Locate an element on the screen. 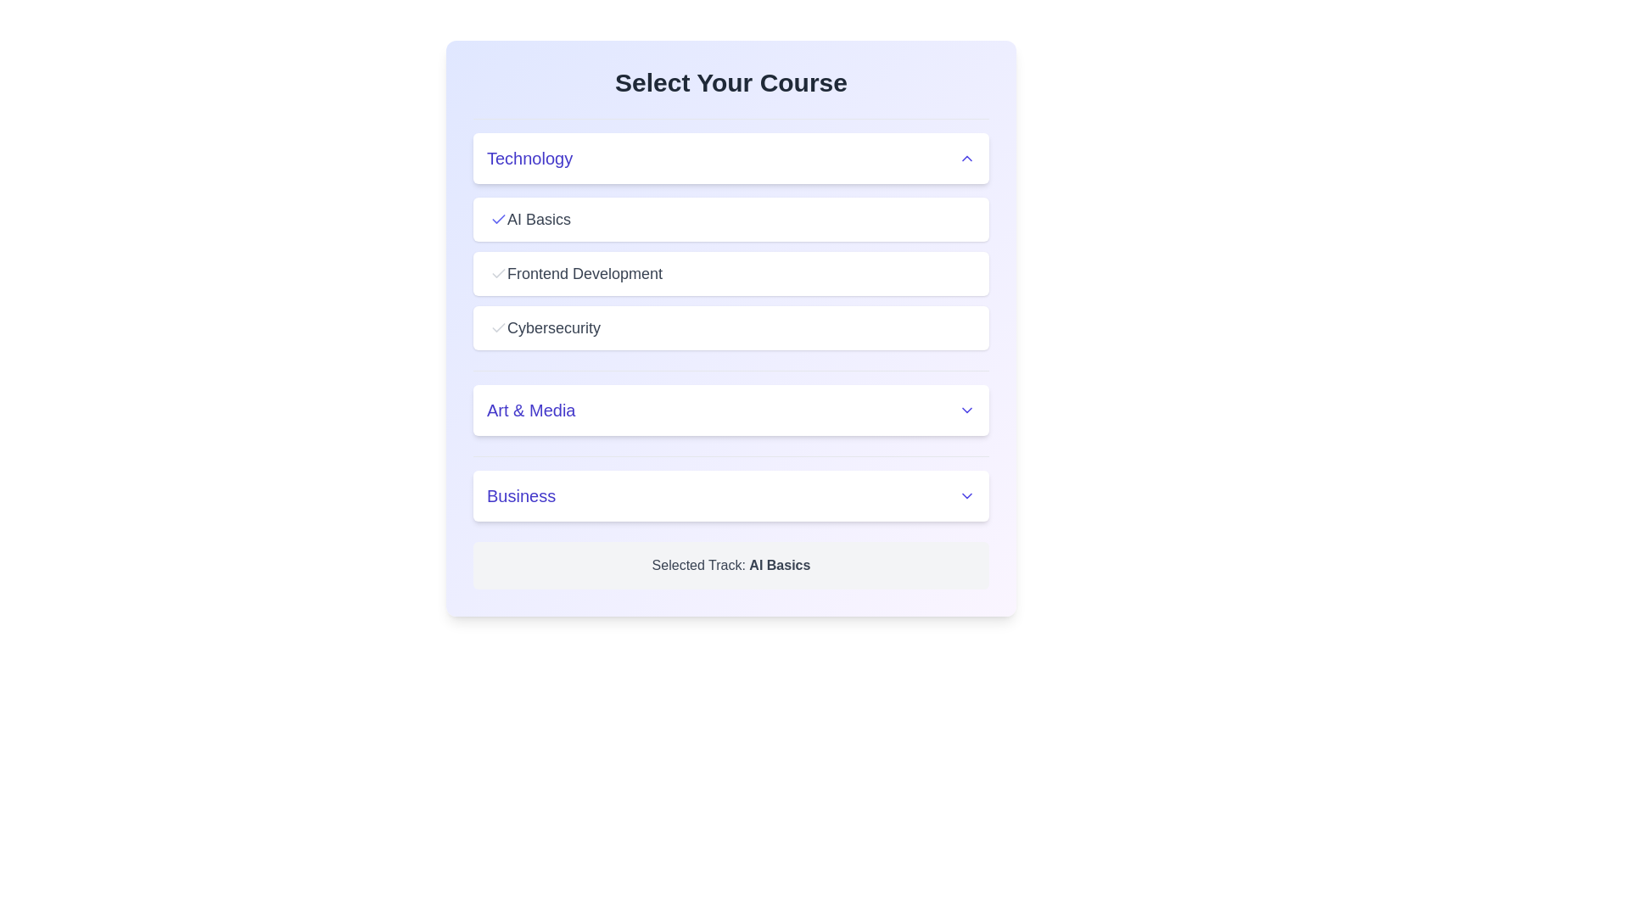 The width and height of the screenshot is (1629, 916). the indigo chevron-down icon located at the far right of the 'Art & Media' section is located at coordinates (967, 410).